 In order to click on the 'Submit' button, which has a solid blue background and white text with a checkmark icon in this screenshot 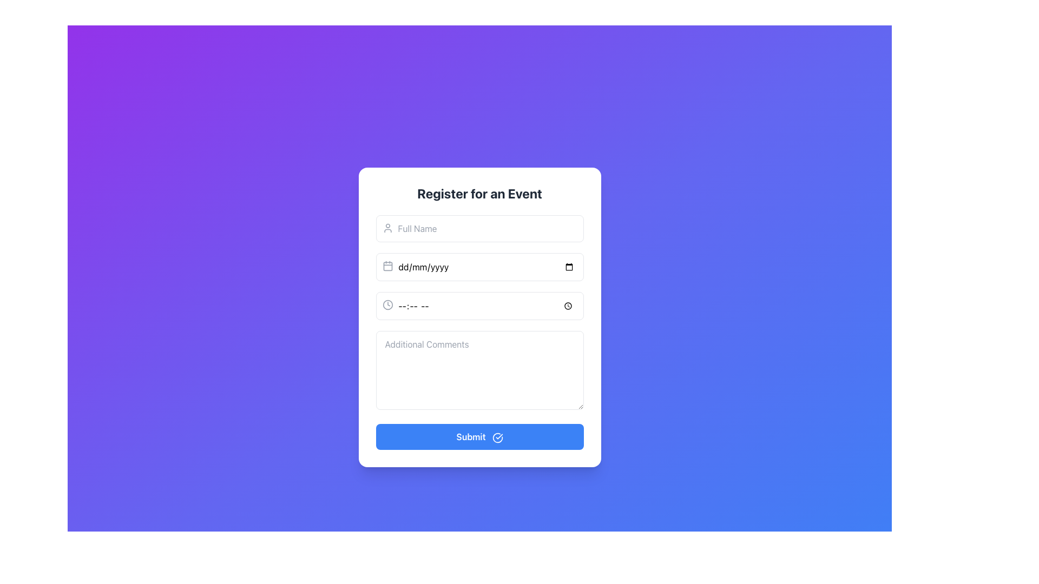, I will do `click(479, 436)`.